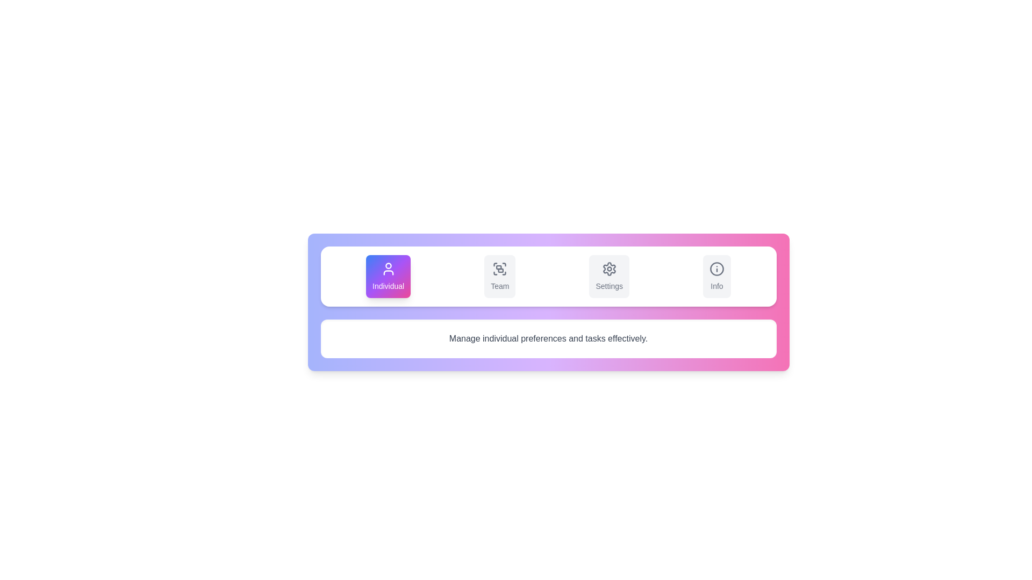 The width and height of the screenshot is (1032, 580). I want to click on the settings button located between the 'Team' button and the 'Info' button, so click(609, 276).